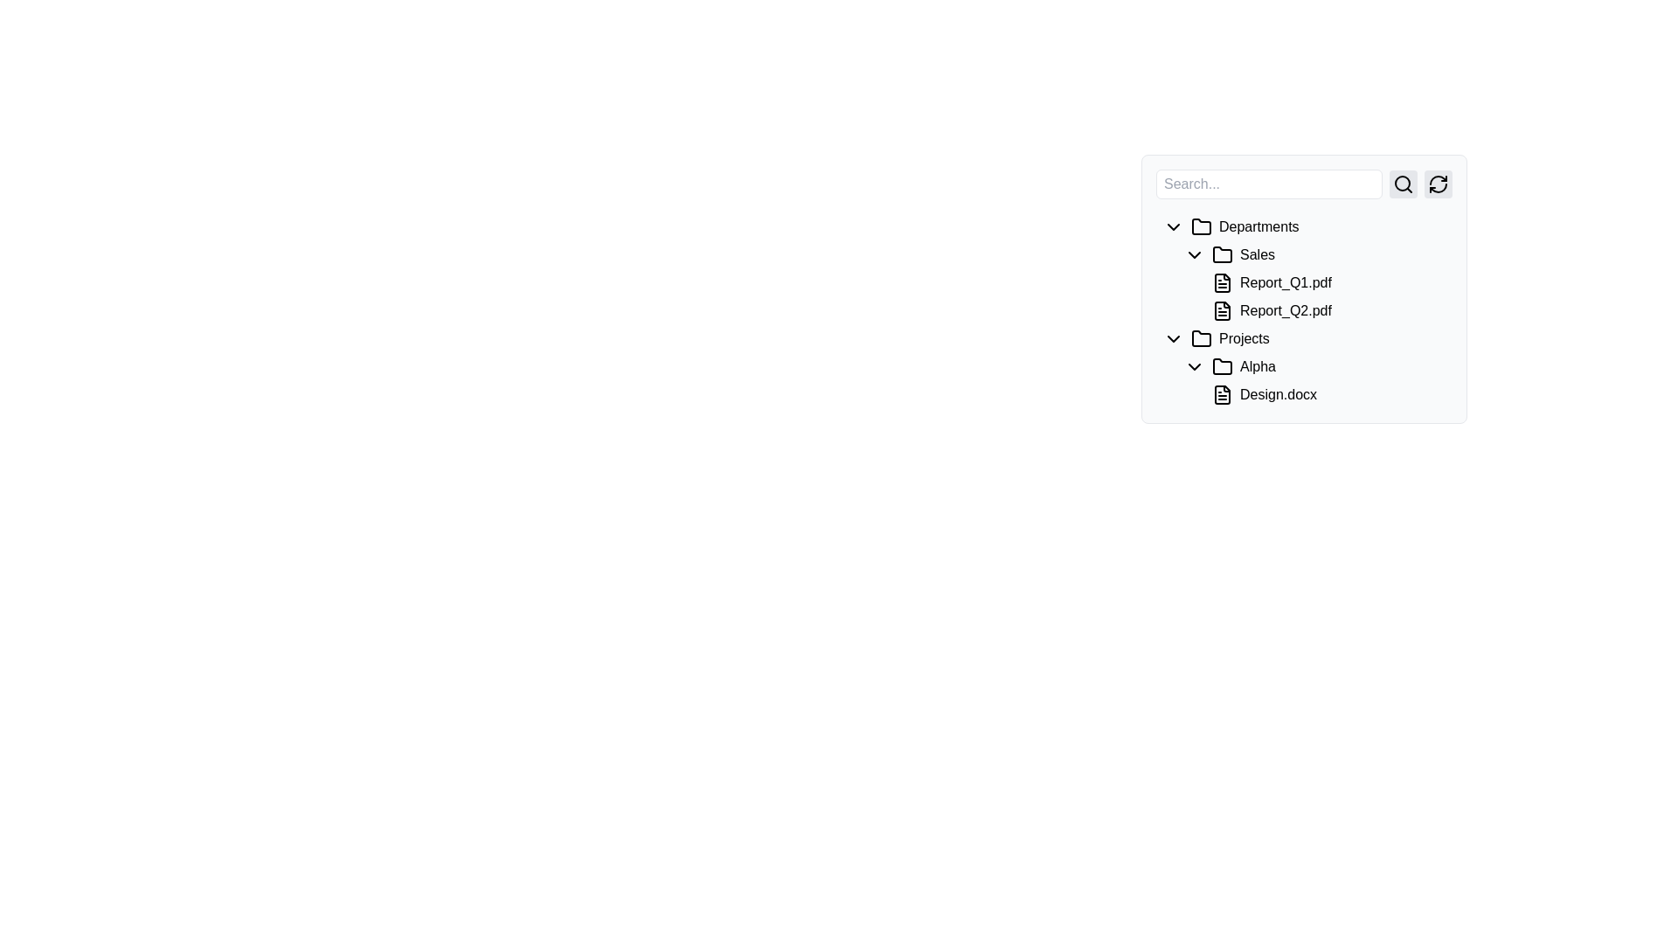 The image size is (1678, 944). I want to click on the folder icon representing the 'Alpha' category, so click(1221, 366).